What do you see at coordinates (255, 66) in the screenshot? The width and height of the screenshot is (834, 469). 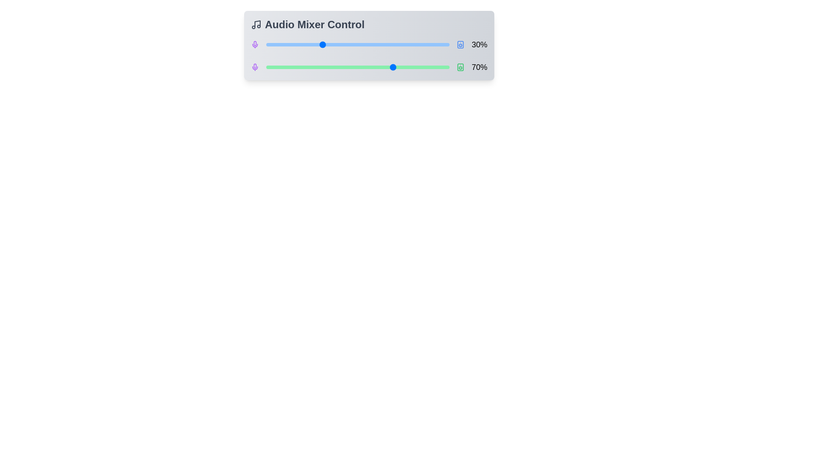 I see `the purple microphone icon located to the left of the green volume slider and the '70%' label` at bounding box center [255, 66].